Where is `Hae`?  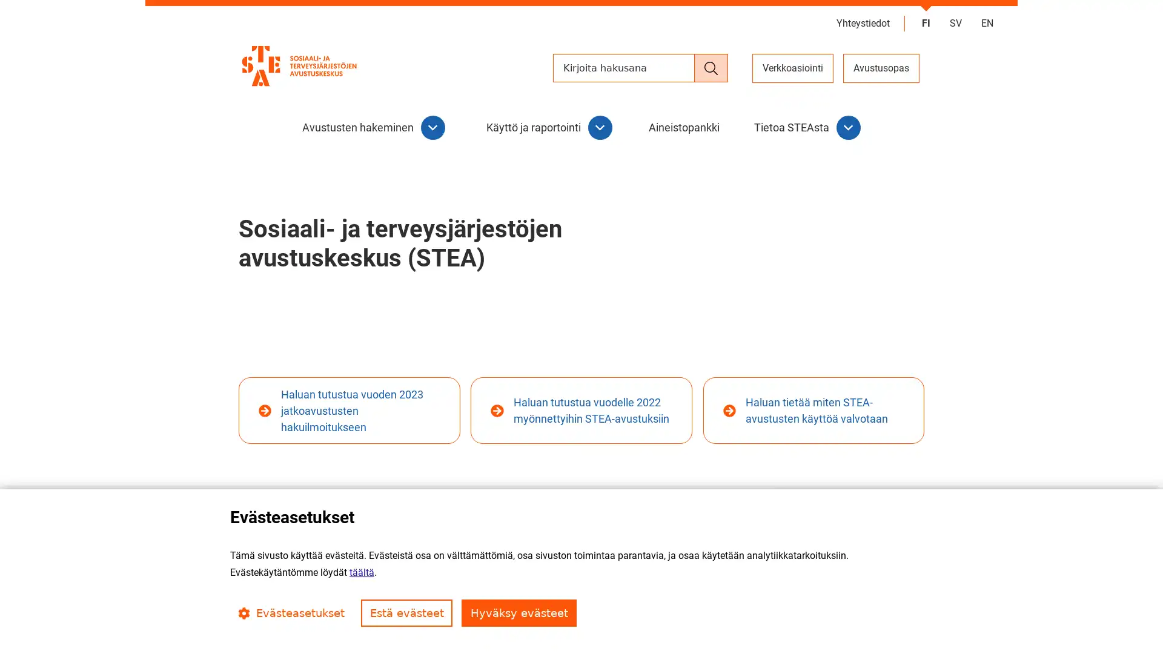 Hae is located at coordinates (711, 68).